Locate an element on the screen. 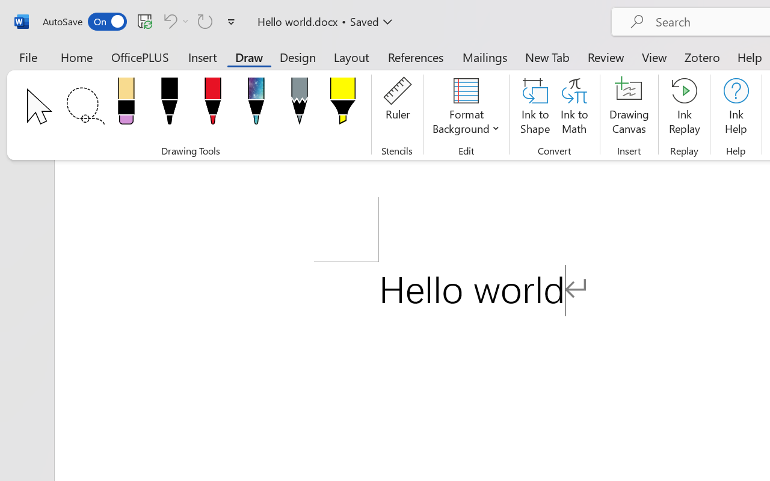 The image size is (770, 481). 'Insert' is located at coordinates (203, 57).